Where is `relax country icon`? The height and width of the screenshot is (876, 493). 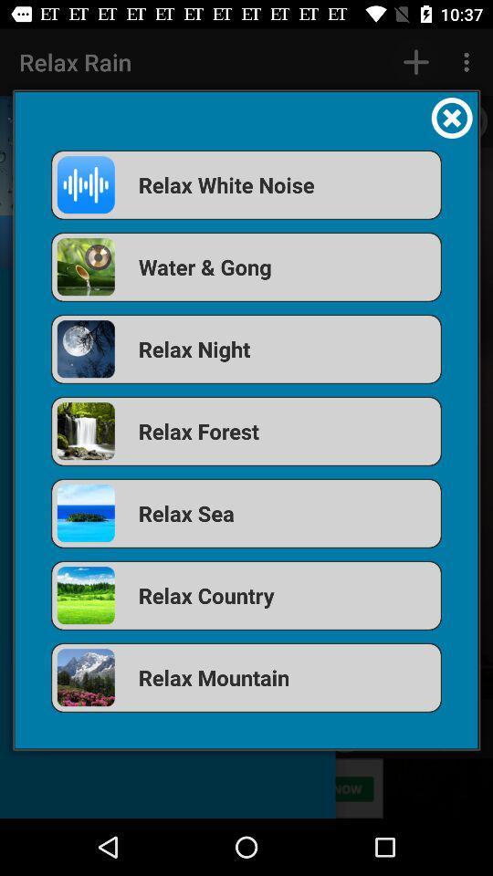
relax country icon is located at coordinates (246, 594).